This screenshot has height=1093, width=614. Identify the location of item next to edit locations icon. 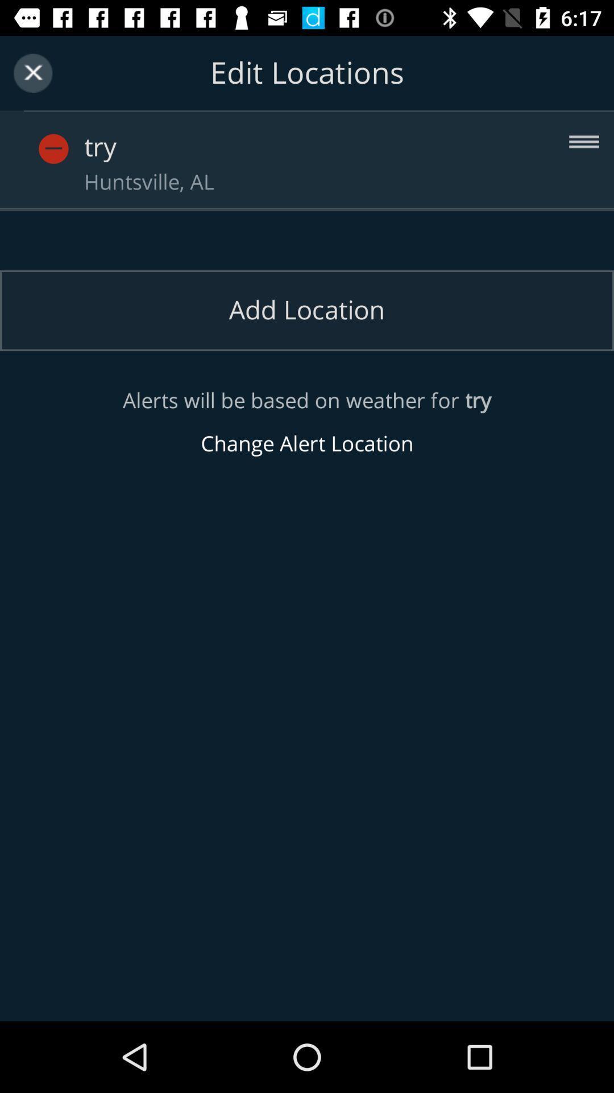
(32, 72).